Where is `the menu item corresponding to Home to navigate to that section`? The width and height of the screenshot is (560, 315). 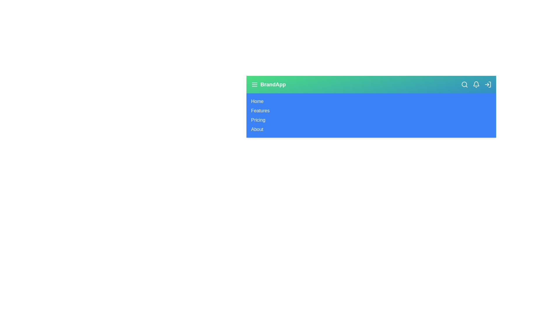 the menu item corresponding to Home to navigate to that section is located at coordinates (257, 101).